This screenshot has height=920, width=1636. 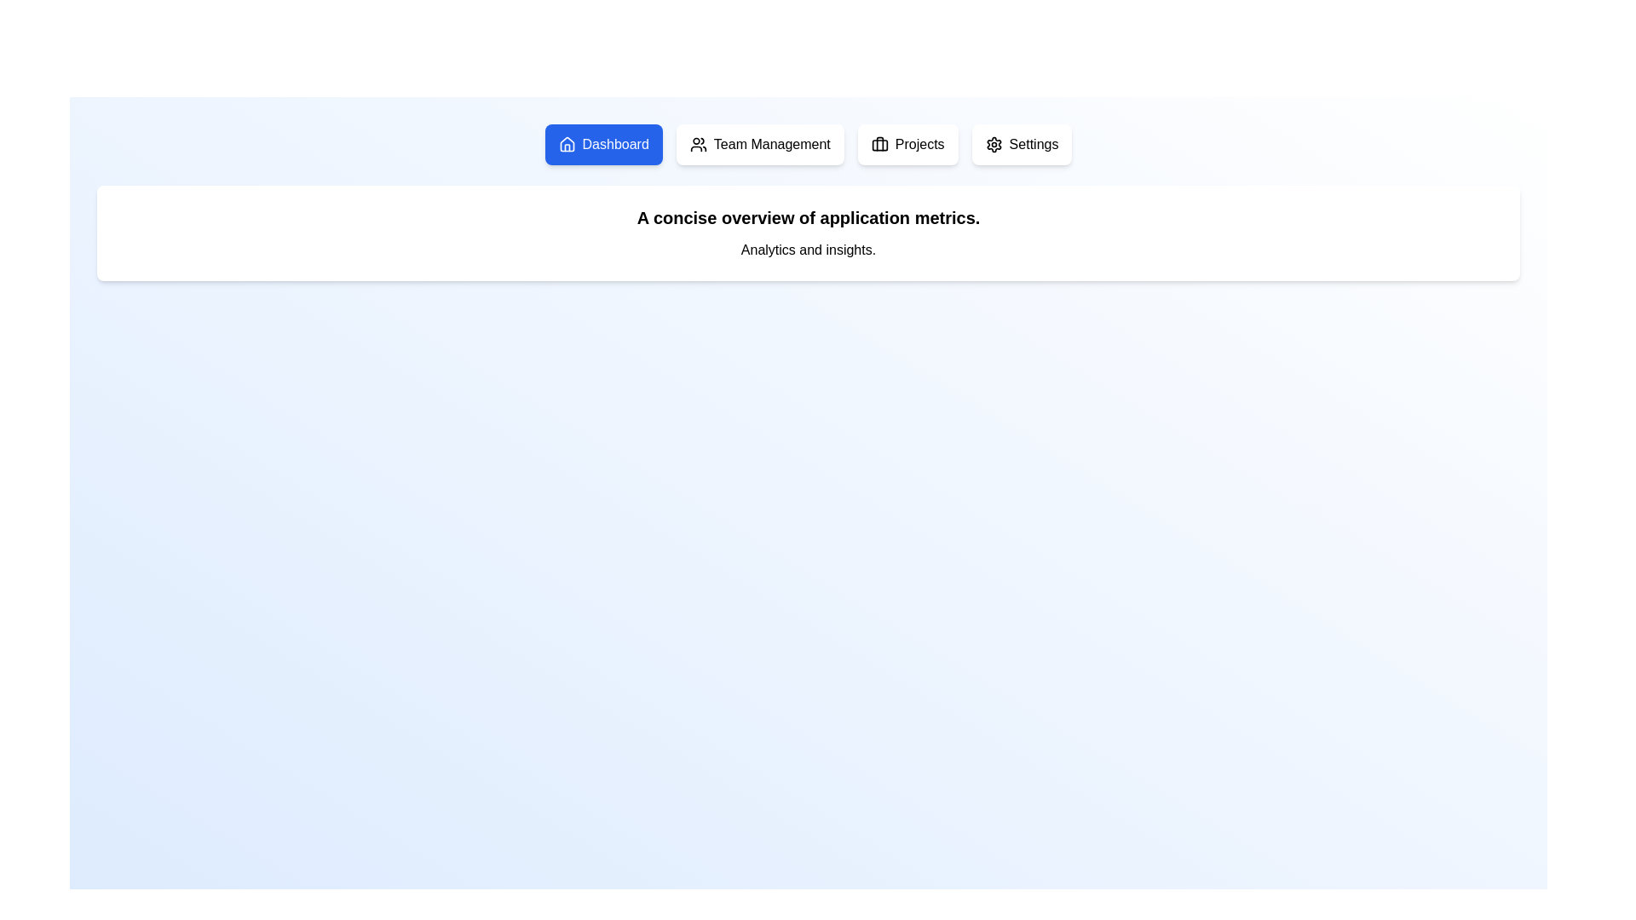 What do you see at coordinates (919, 143) in the screenshot?
I see `the 'Projects' text label within the button component` at bounding box center [919, 143].